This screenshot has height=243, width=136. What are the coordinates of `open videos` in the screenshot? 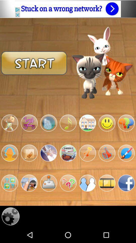 It's located at (107, 183).